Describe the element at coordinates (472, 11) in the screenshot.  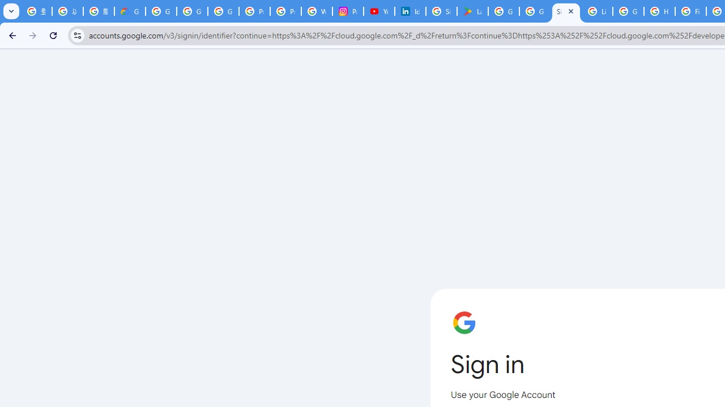
I see `'Last Shelter: Survival - Apps on Google Play'` at that location.